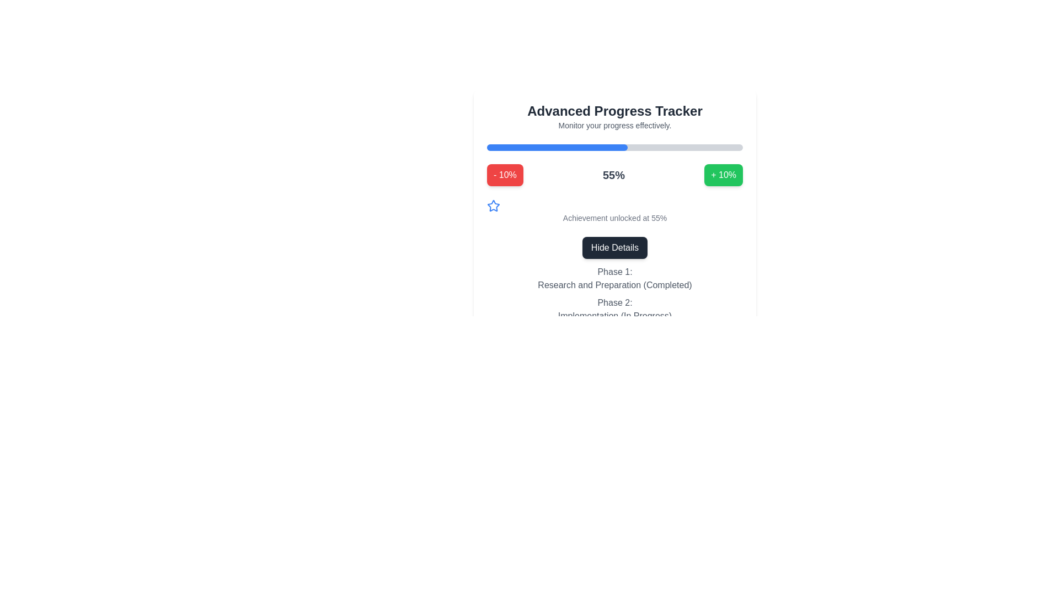 The image size is (1059, 595). I want to click on the text block titled 'Advanced Progress Tracker' that displays the subtitle 'Monitor your progress effectively.', so click(614, 117).